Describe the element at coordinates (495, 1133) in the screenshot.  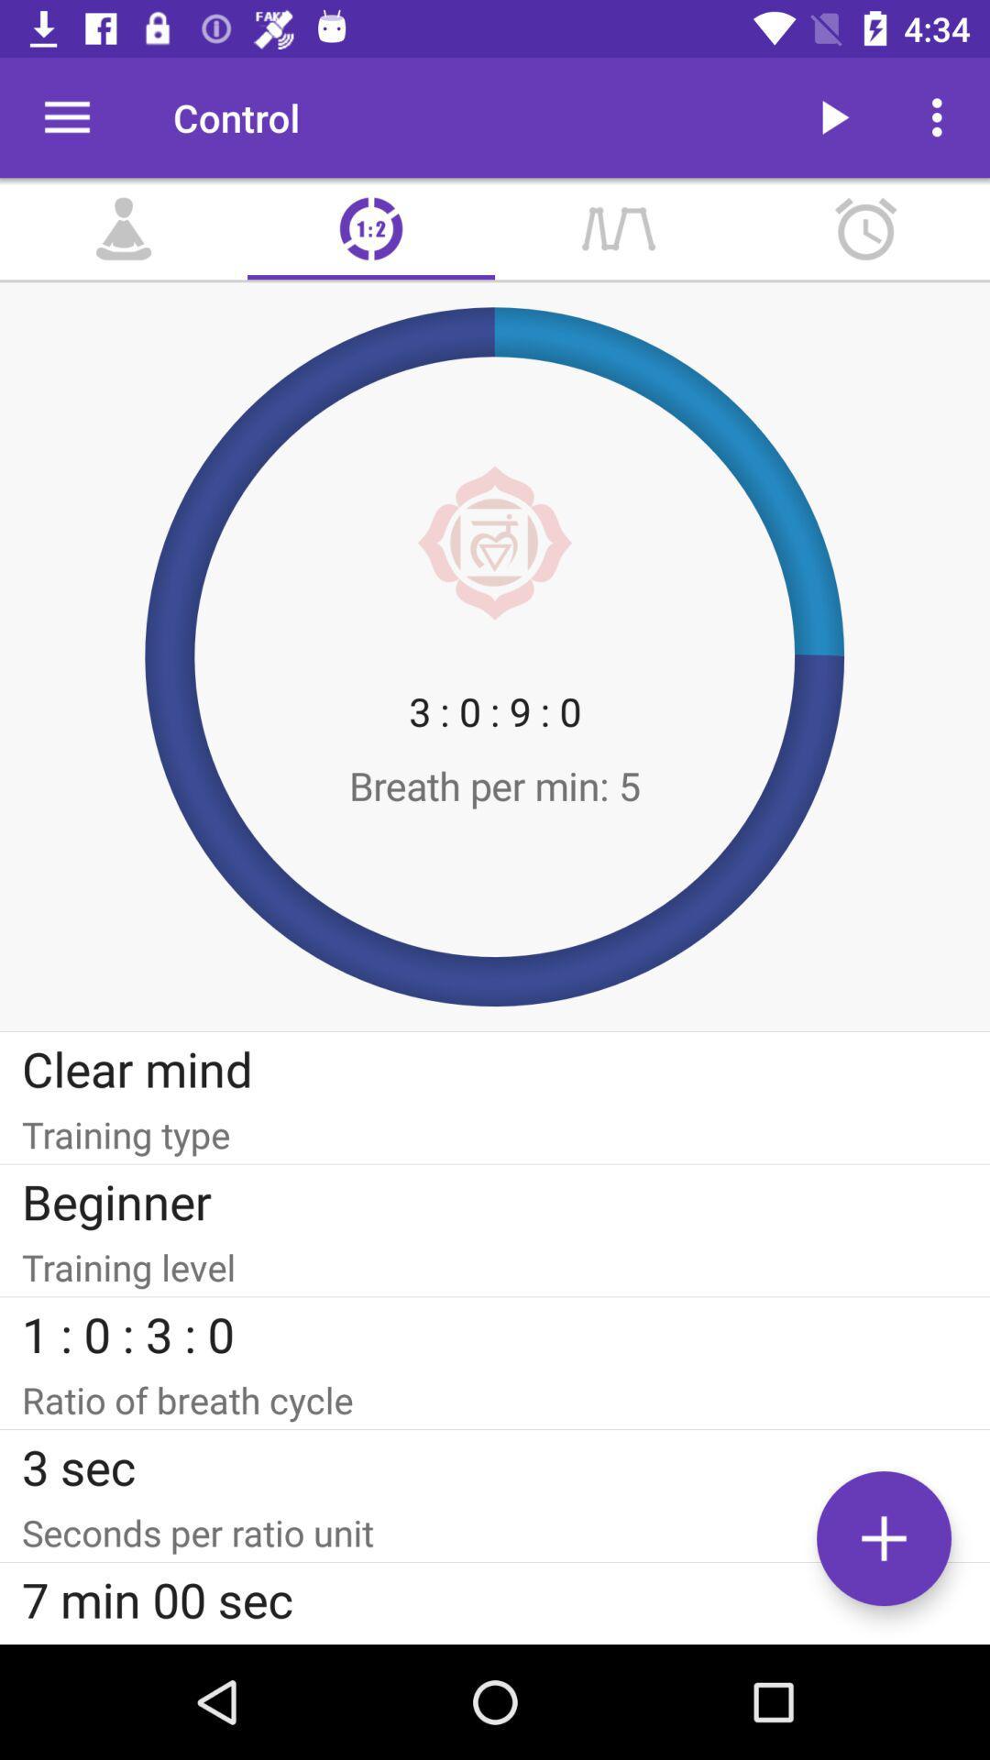
I see `the training type icon` at that location.